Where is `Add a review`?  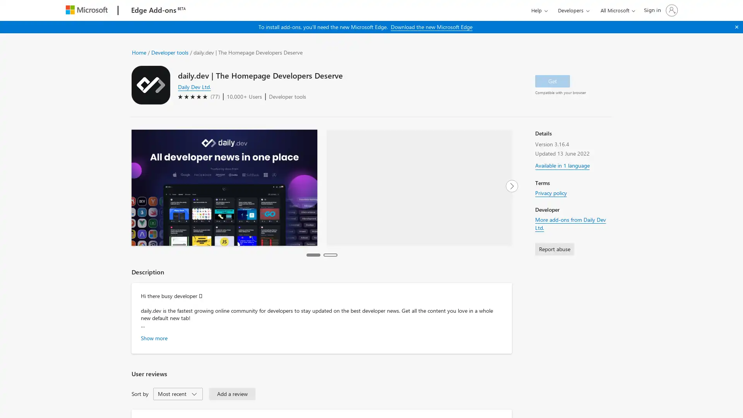
Add a review is located at coordinates (232, 394).